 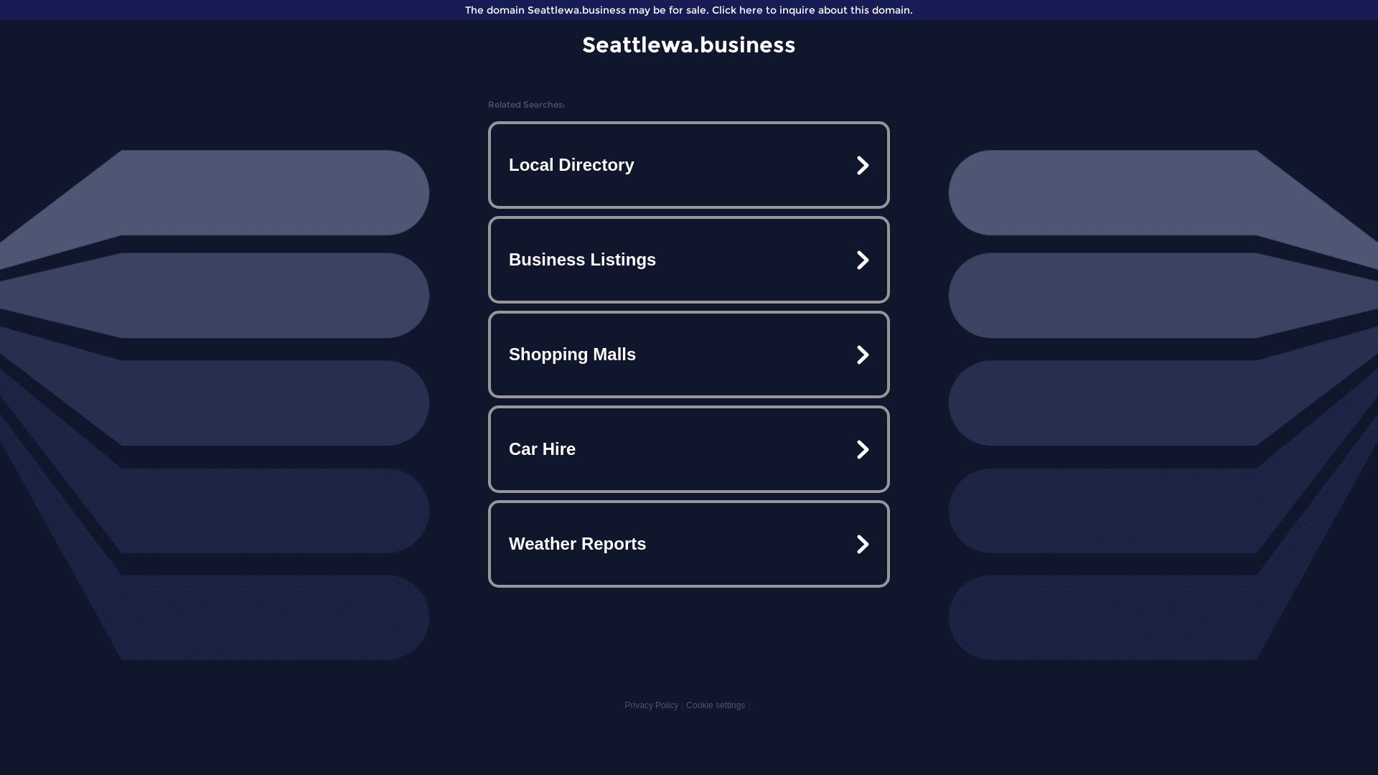 I want to click on 'Local Directory', so click(x=689, y=164).